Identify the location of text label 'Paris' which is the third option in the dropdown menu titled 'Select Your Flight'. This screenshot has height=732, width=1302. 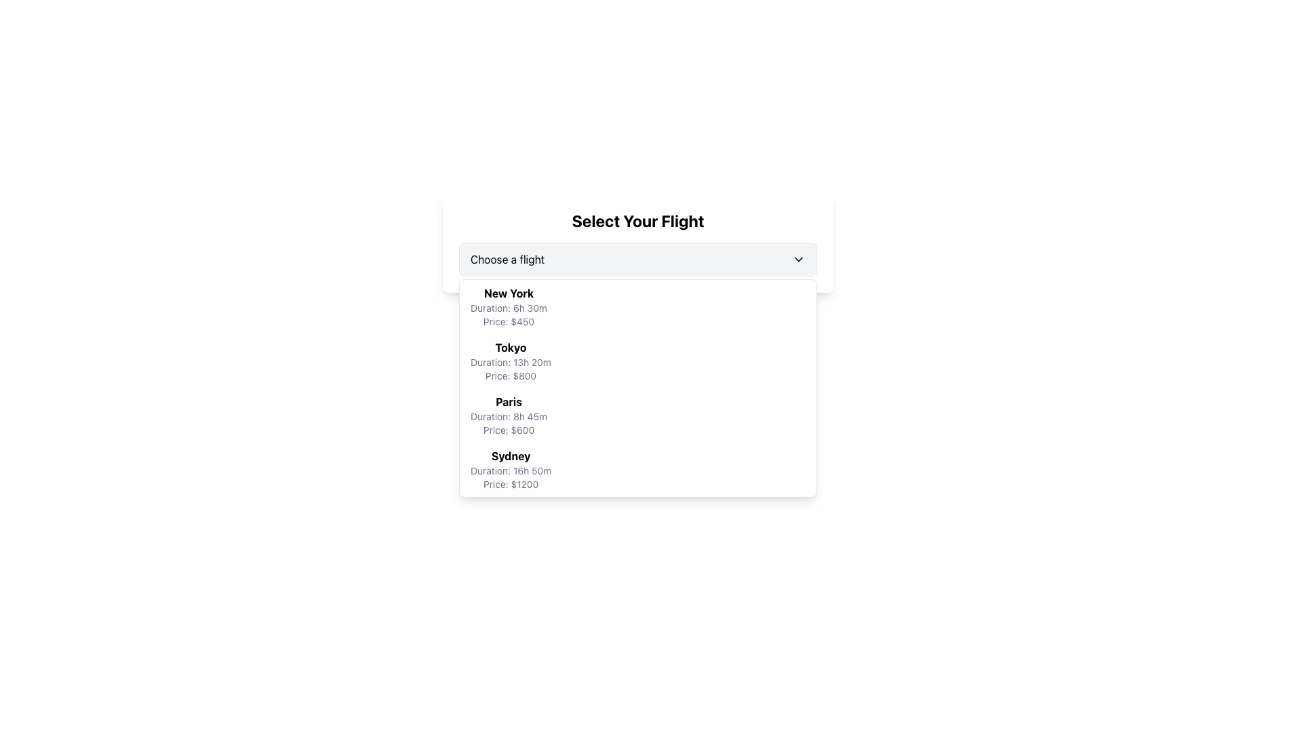
(508, 401).